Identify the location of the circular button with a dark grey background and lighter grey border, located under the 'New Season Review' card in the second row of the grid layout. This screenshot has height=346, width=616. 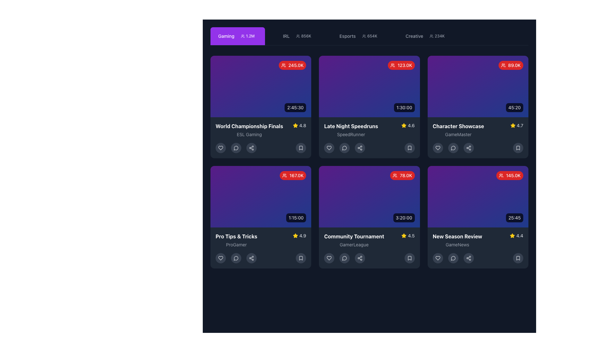
(453, 258).